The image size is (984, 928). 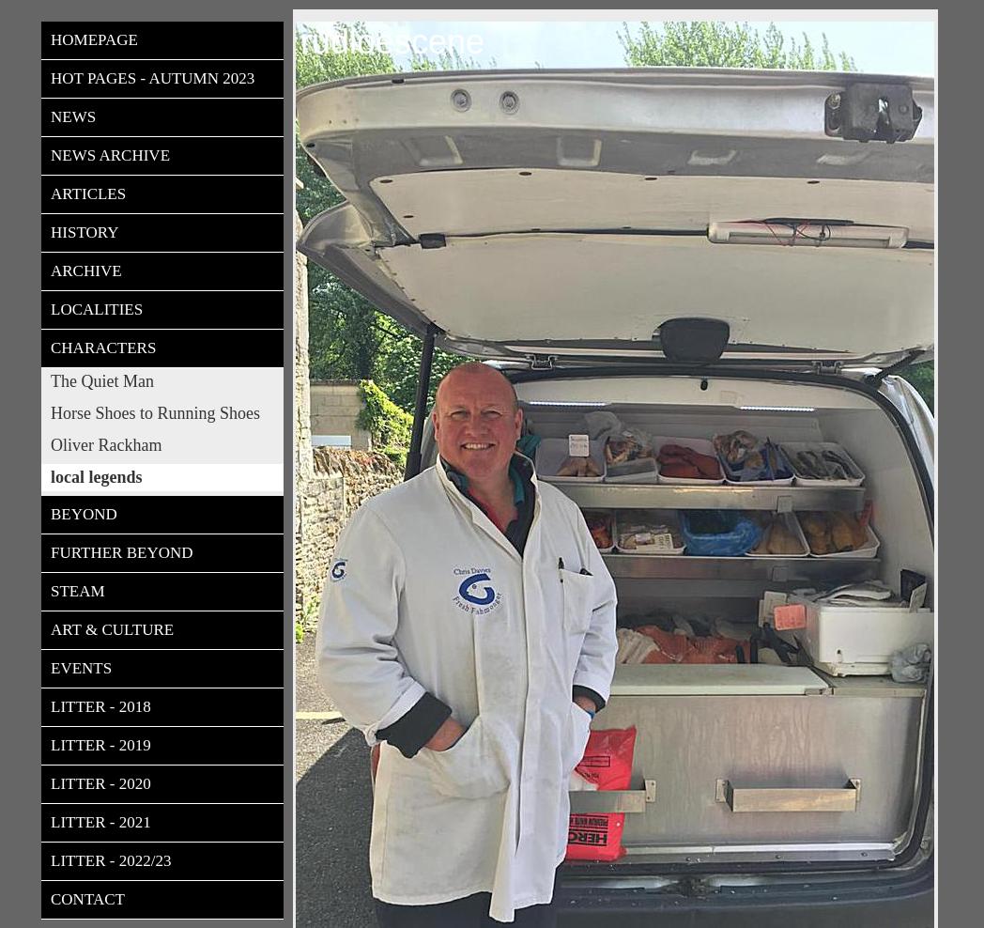 I want to click on 'News Archive', so click(x=109, y=154).